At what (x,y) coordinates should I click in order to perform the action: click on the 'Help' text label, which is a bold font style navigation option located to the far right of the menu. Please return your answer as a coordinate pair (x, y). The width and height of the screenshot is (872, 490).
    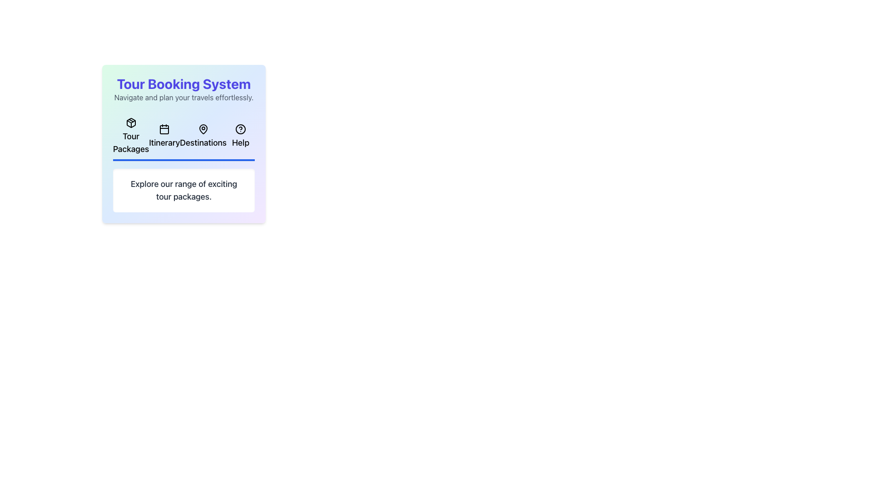
    Looking at the image, I should click on (240, 142).